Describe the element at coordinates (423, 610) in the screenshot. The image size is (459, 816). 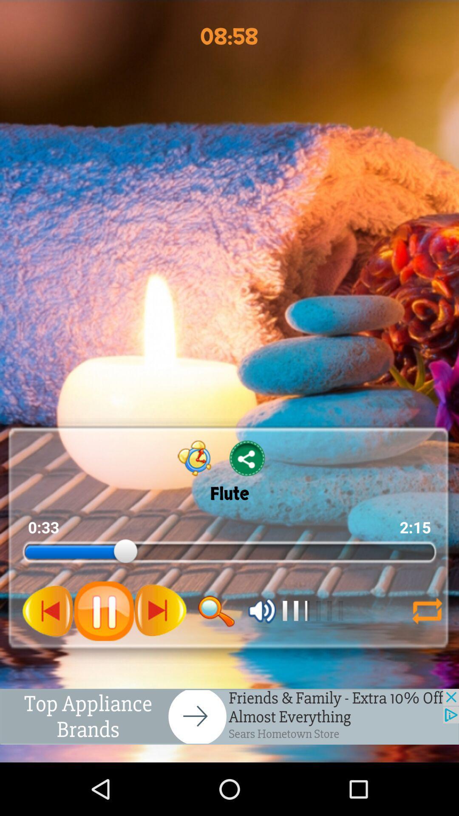
I see `arrow` at that location.